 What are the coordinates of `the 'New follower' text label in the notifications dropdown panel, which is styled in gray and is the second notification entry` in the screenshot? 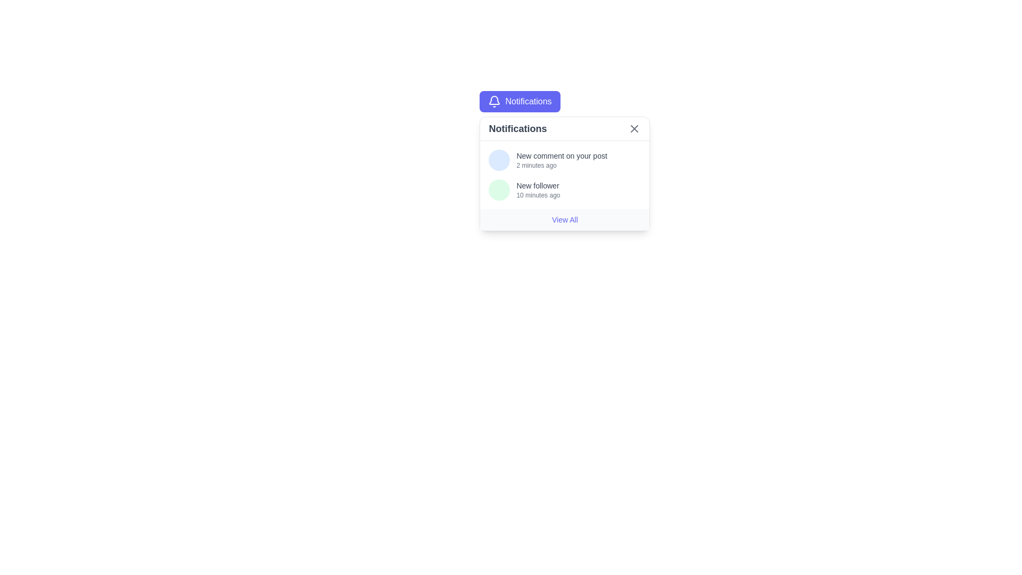 It's located at (538, 185).